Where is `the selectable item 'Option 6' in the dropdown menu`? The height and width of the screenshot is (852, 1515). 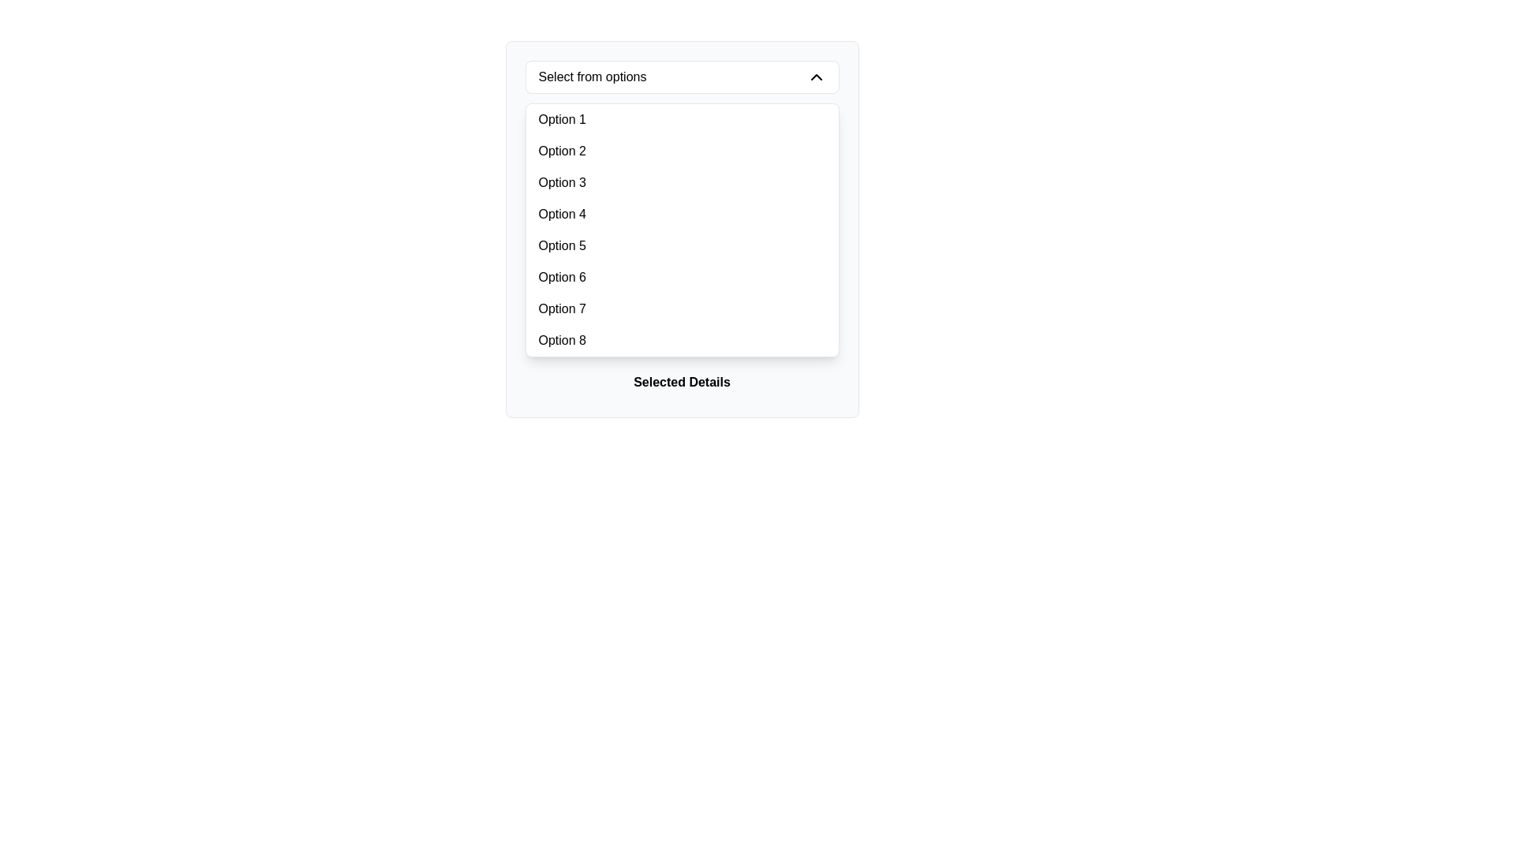
the selectable item 'Option 6' in the dropdown menu is located at coordinates (562, 276).